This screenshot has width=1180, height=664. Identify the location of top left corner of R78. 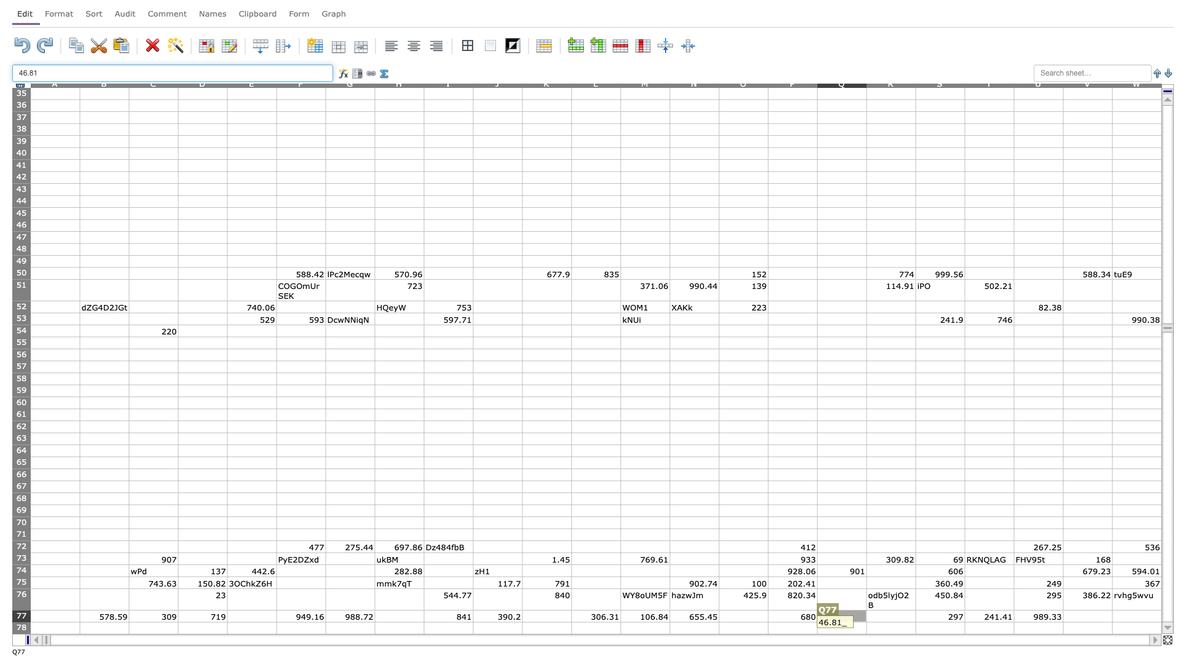
(866, 622).